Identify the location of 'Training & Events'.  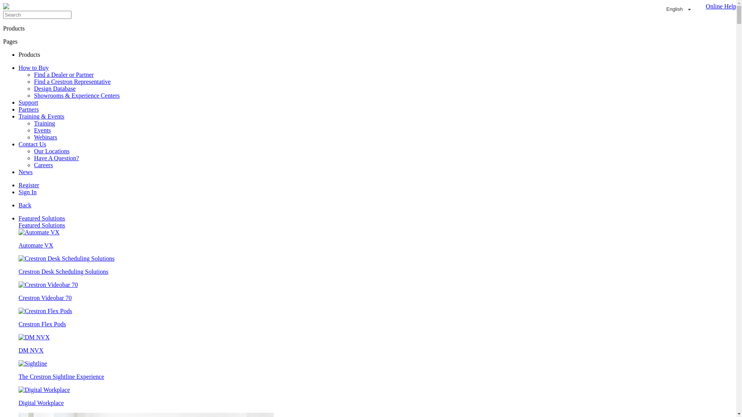
(19, 116).